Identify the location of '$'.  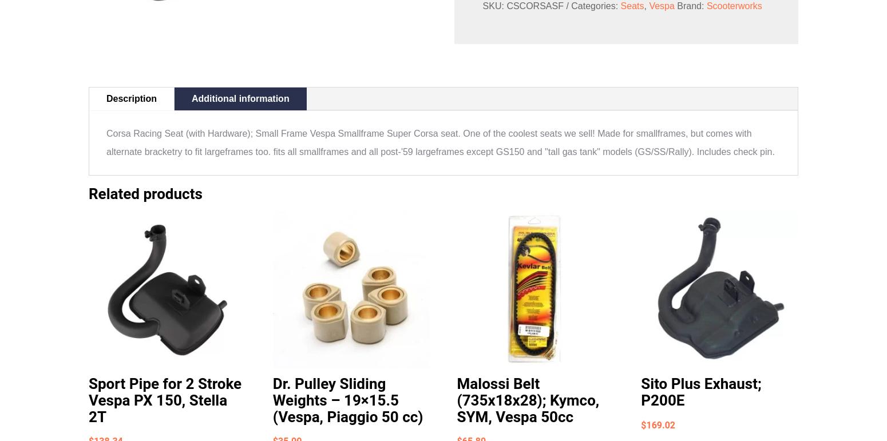
(643, 424).